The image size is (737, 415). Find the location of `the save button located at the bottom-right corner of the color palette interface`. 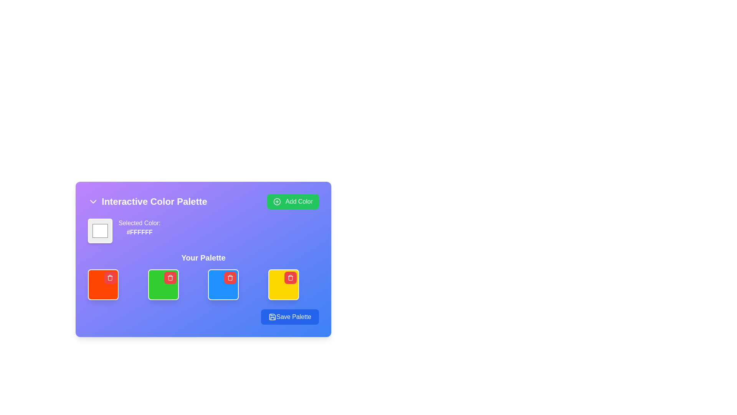

the save button located at the bottom-right corner of the color palette interface is located at coordinates (289, 317).